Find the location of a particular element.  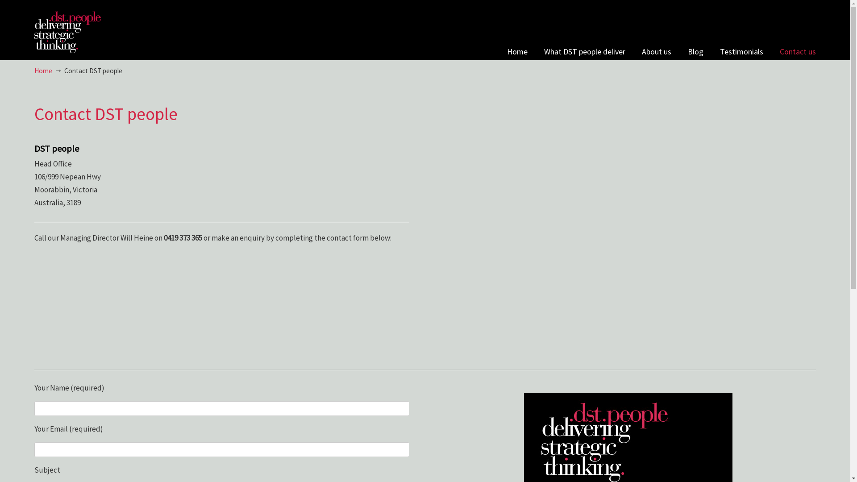

'About us' is located at coordinates (656, 51).